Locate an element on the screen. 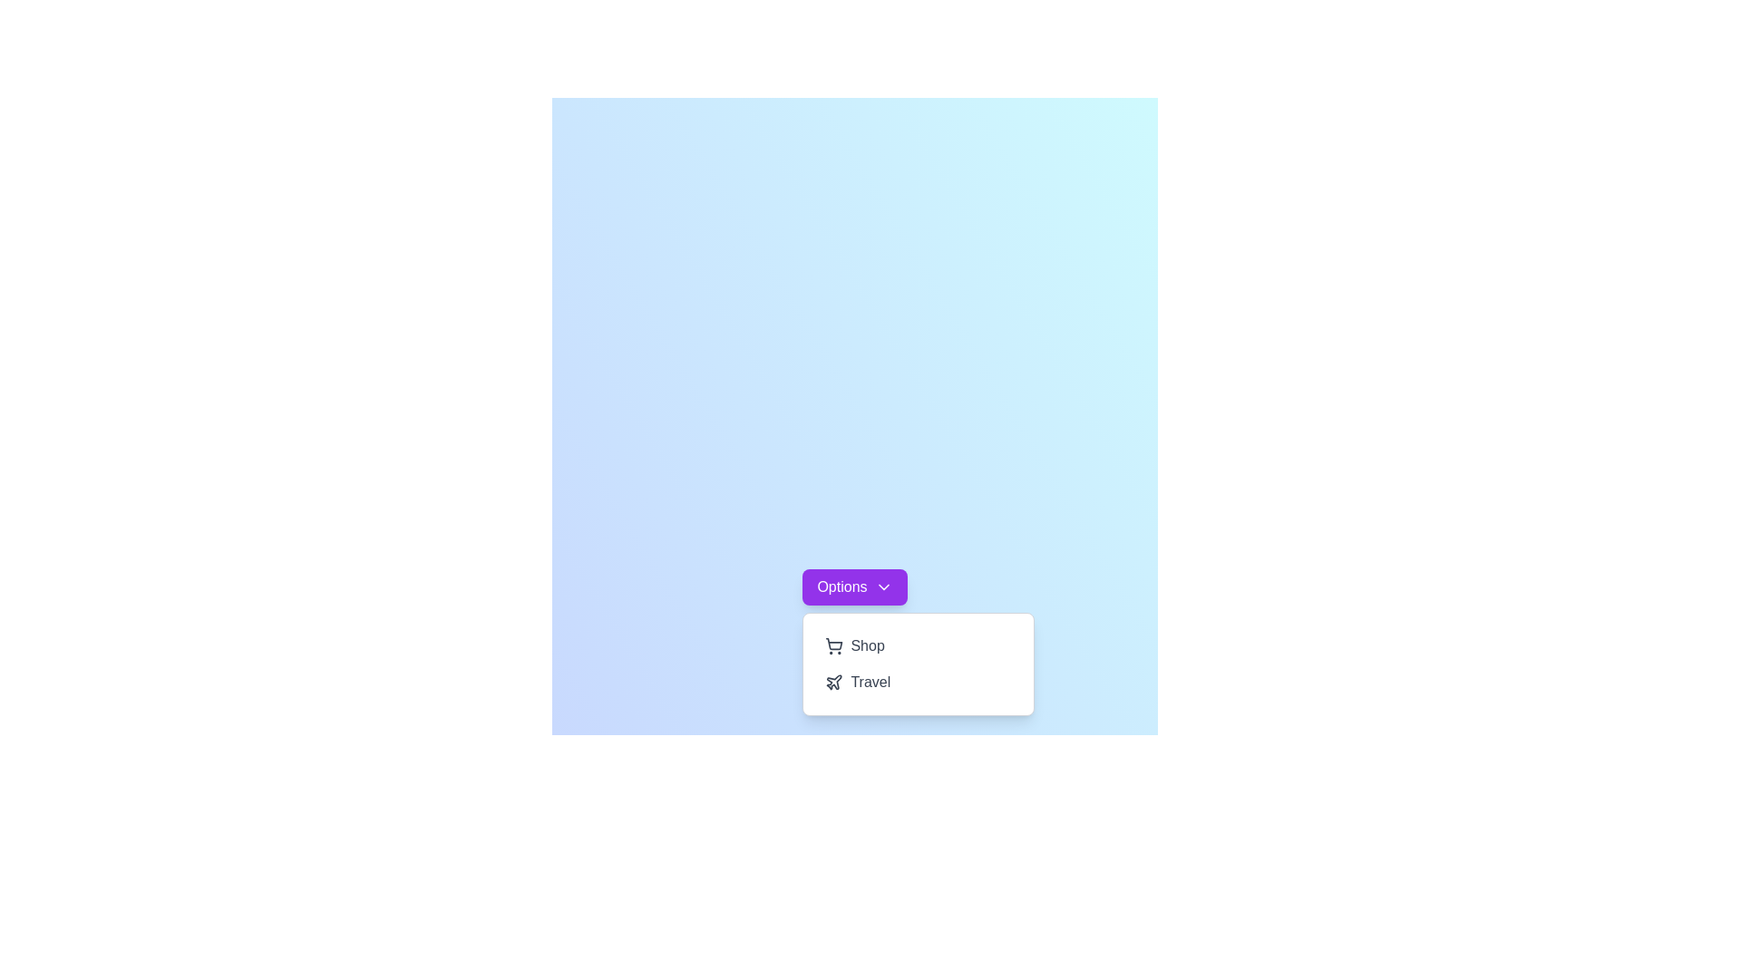 This screenshot has width=1741, height=979. the cart icon located in the dropdown menu under the 'Options' button, positioned to the left of the 'Shop' text is located at coordinates (833, 643).